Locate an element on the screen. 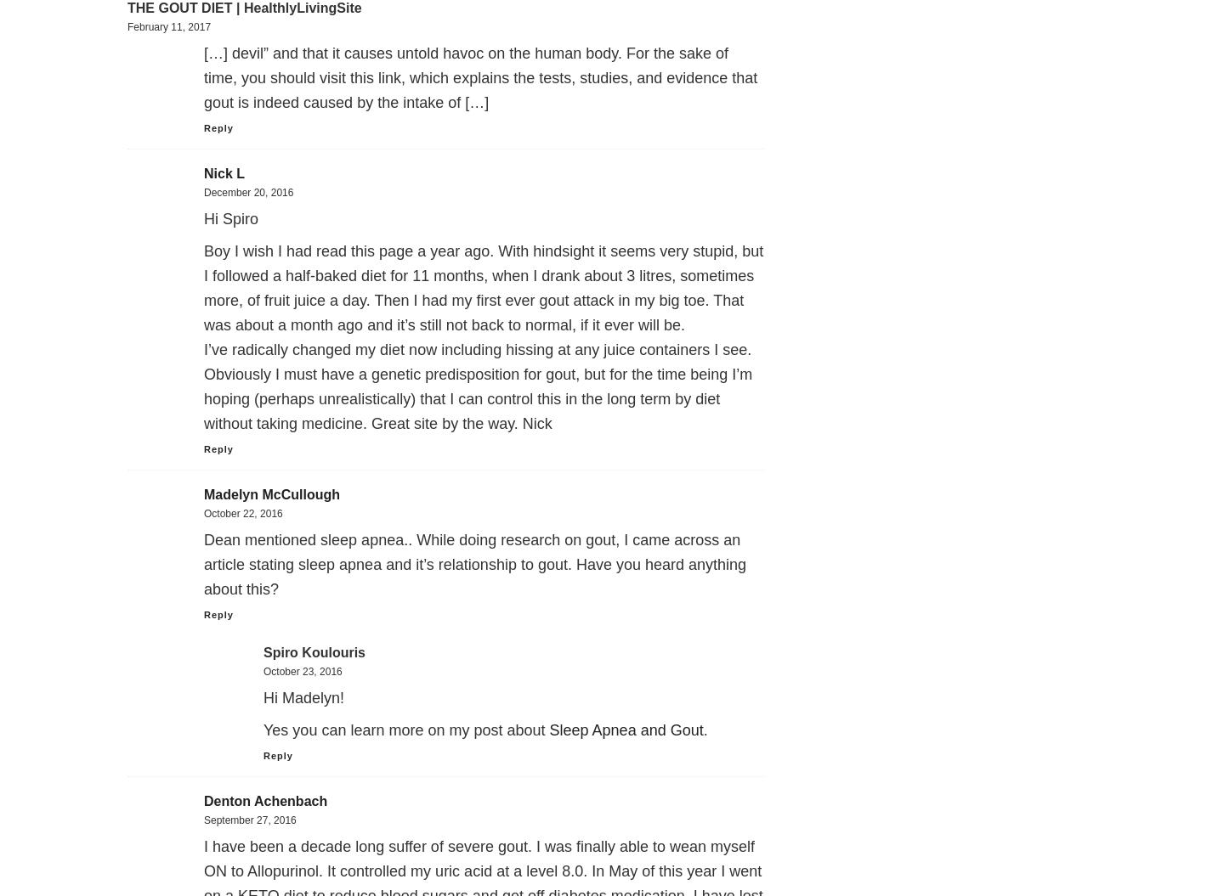 The image size is (1224, 896). '[…] devil” and that it causes untold havoc on the human body. For the sake of time, you should visit this link, which explains the tests, studies, and evidence that gout is indeed caused by the intake of […]' is located at coordinates (480, 76).